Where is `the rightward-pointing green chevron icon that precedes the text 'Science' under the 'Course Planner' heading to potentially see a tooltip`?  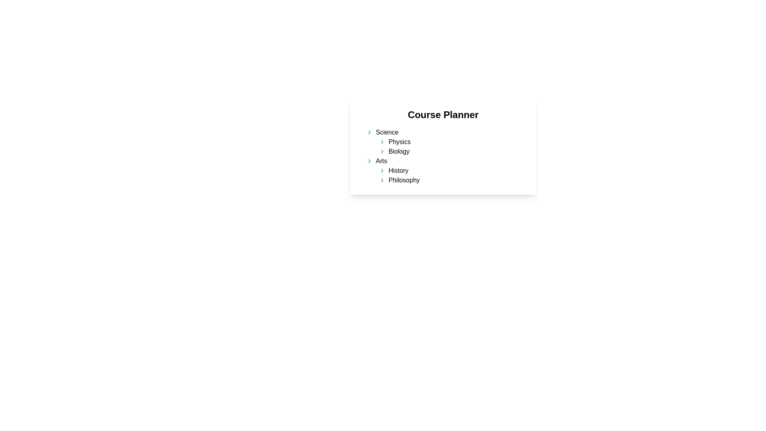 the rightward-pointing green chevron icon that precedes the text 'Science' under the 'Course Planner' heading to potentially see a tooltip is located at coordinates (369, 132).